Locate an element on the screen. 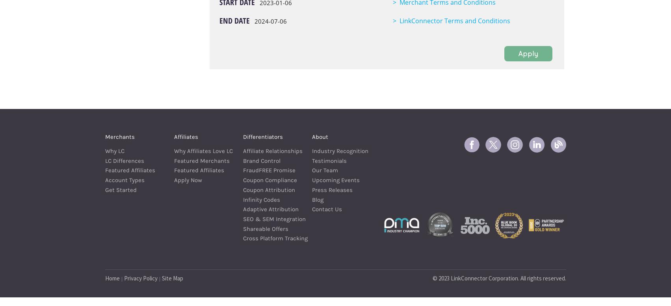 This screenshot has height=306, width=671. 'Adaptive Attribution' is located at coordinates (270, 209).